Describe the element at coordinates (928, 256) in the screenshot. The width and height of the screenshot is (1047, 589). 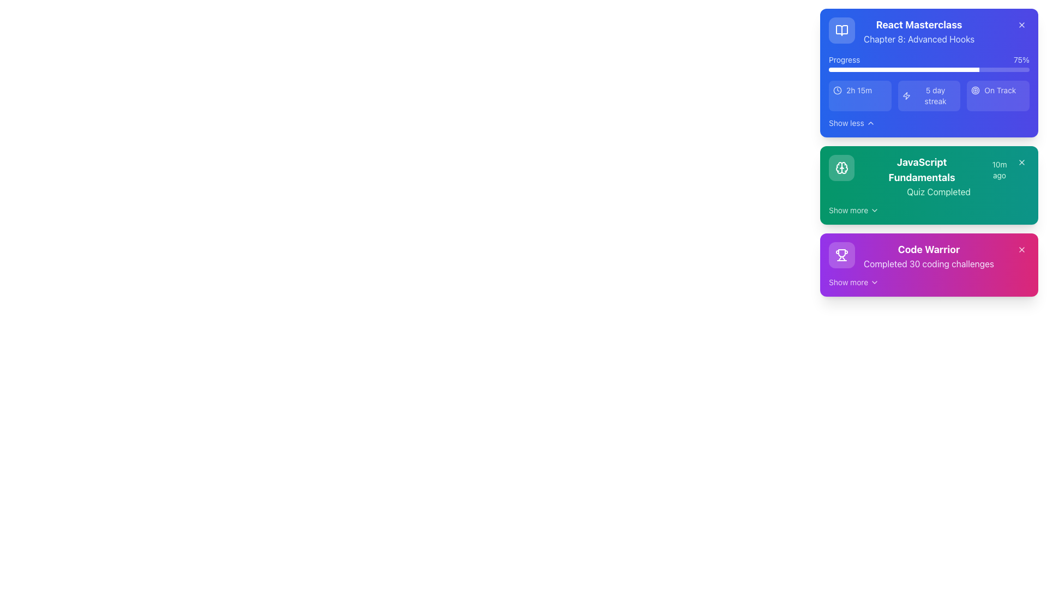
I see `the 'Code Warrior' text display element within the third card in the right-side panel, which highlights the completion of coding challenges` at that location.